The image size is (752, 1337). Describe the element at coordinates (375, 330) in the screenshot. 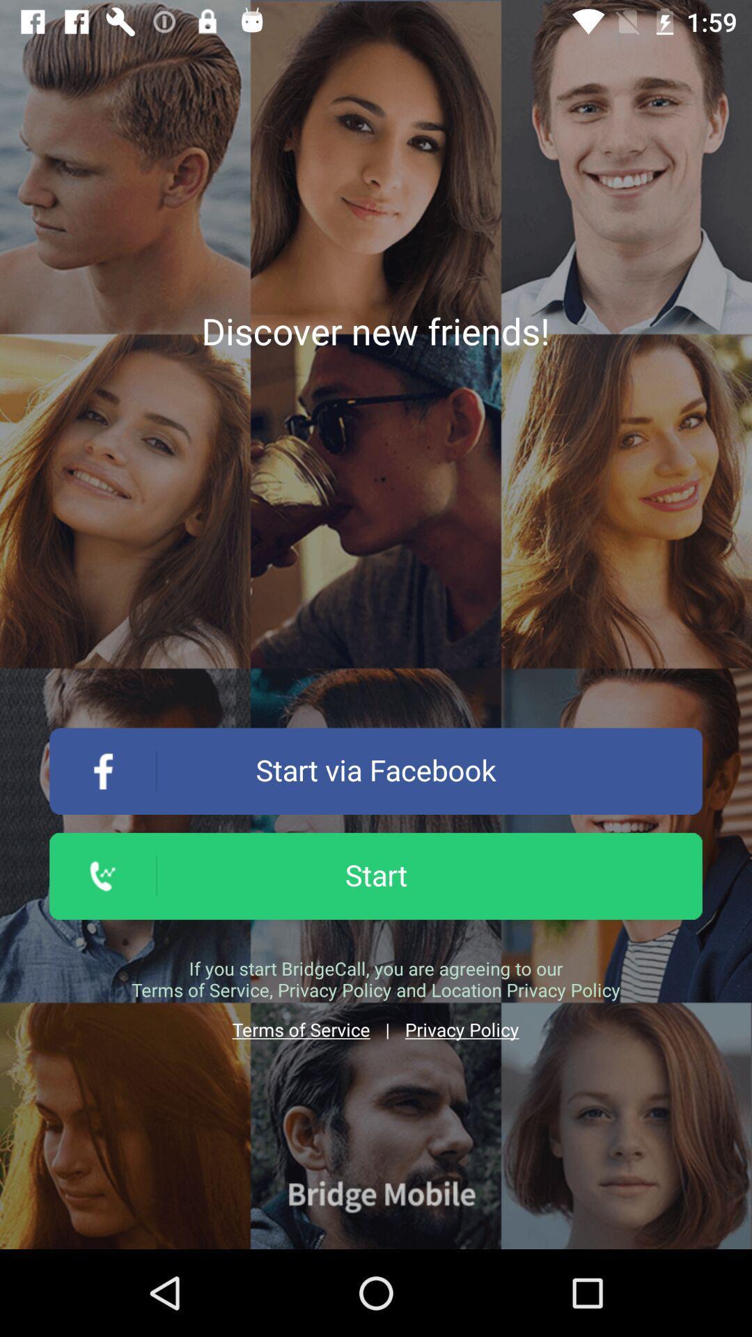

I see `the discover new friends! item` at that location.